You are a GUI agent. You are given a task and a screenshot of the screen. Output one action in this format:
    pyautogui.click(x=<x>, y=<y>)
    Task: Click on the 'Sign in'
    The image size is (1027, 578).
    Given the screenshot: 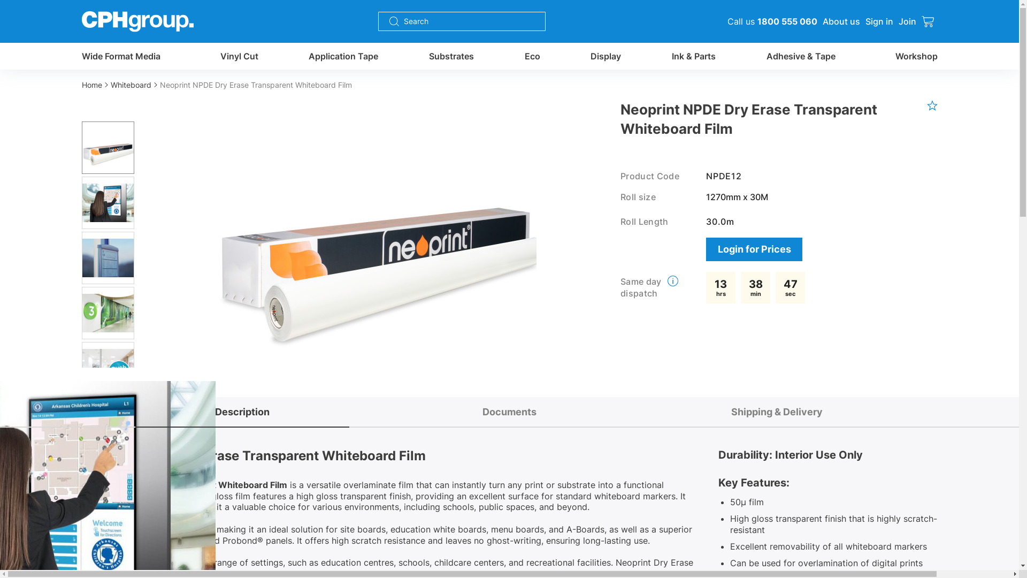 What is the action you would take?
    pyautogui.click(x=865, y=21)
    